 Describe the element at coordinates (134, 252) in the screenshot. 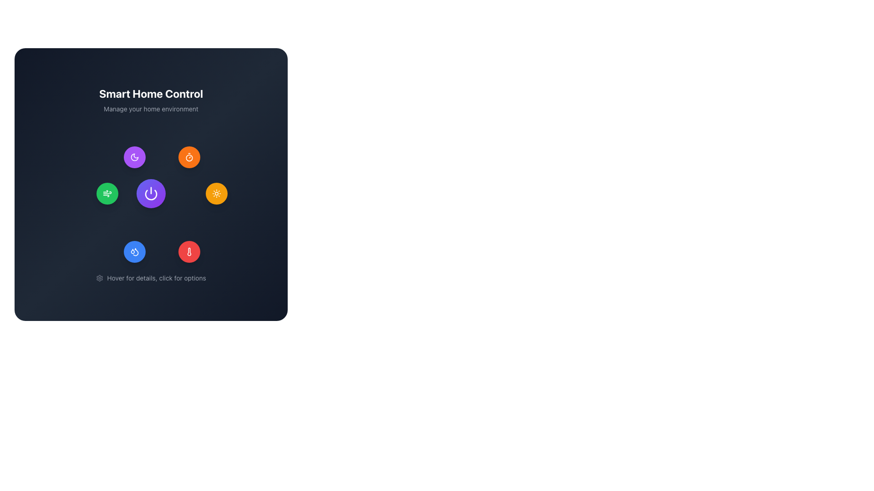

I see `the water or humidity control button, located in the bottom row of the control panel` at that location.